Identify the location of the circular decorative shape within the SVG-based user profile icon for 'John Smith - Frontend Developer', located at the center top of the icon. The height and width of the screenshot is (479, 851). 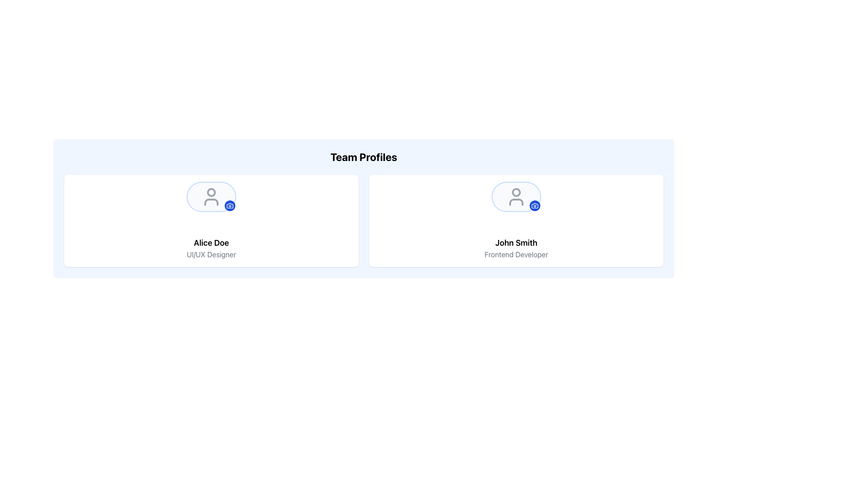
(516, 192).